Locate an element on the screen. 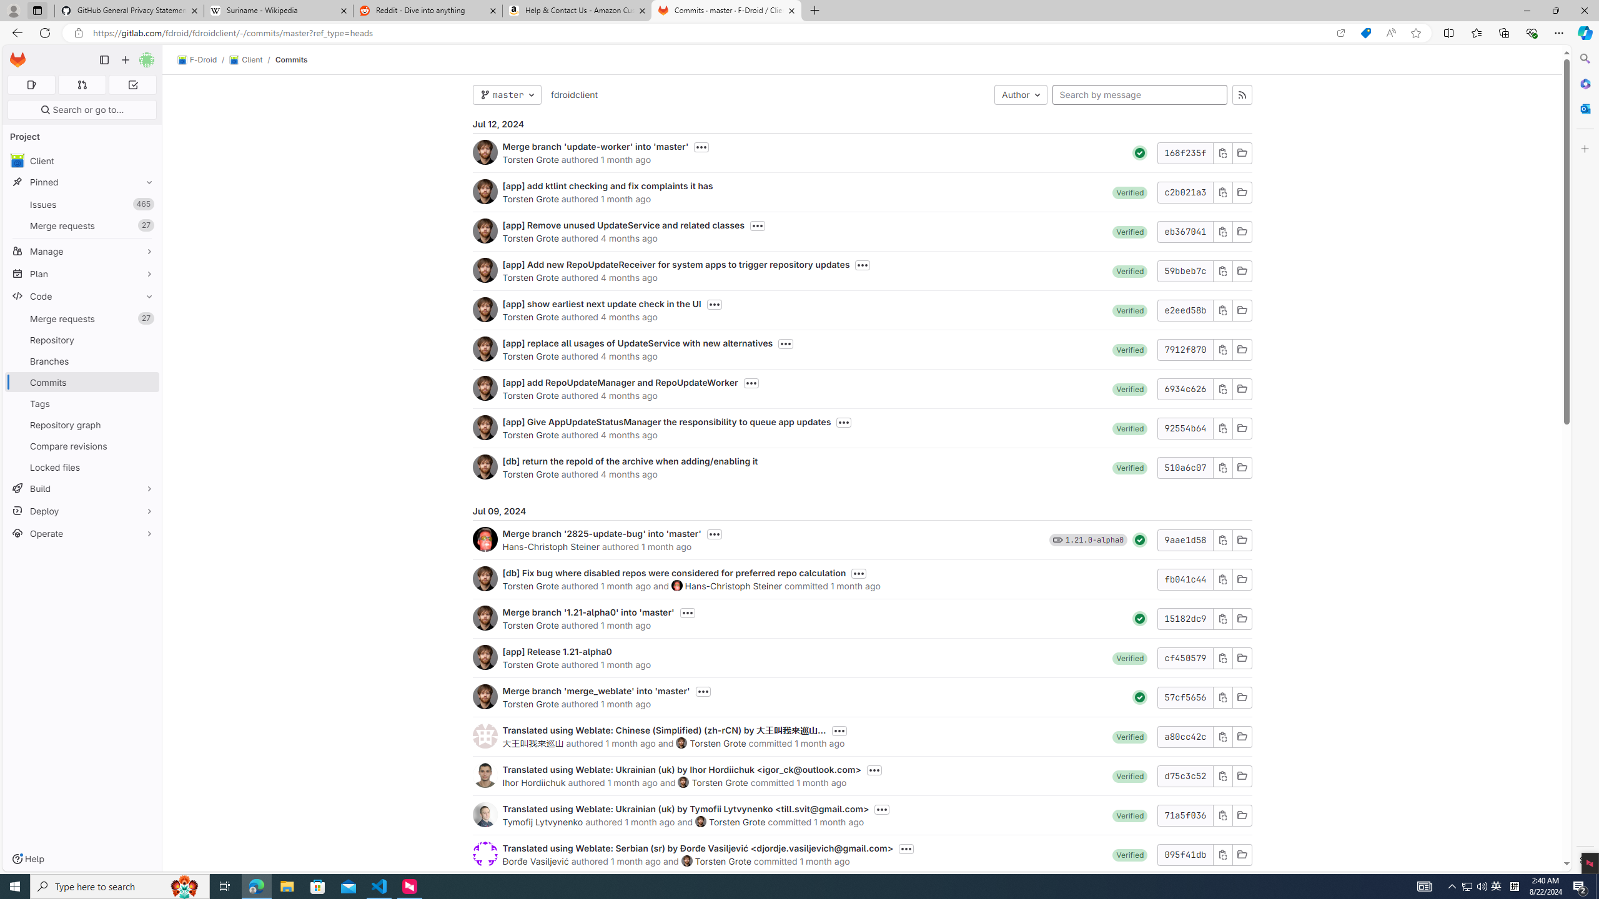  'Open in app' is located at coordinates (1340, 33).